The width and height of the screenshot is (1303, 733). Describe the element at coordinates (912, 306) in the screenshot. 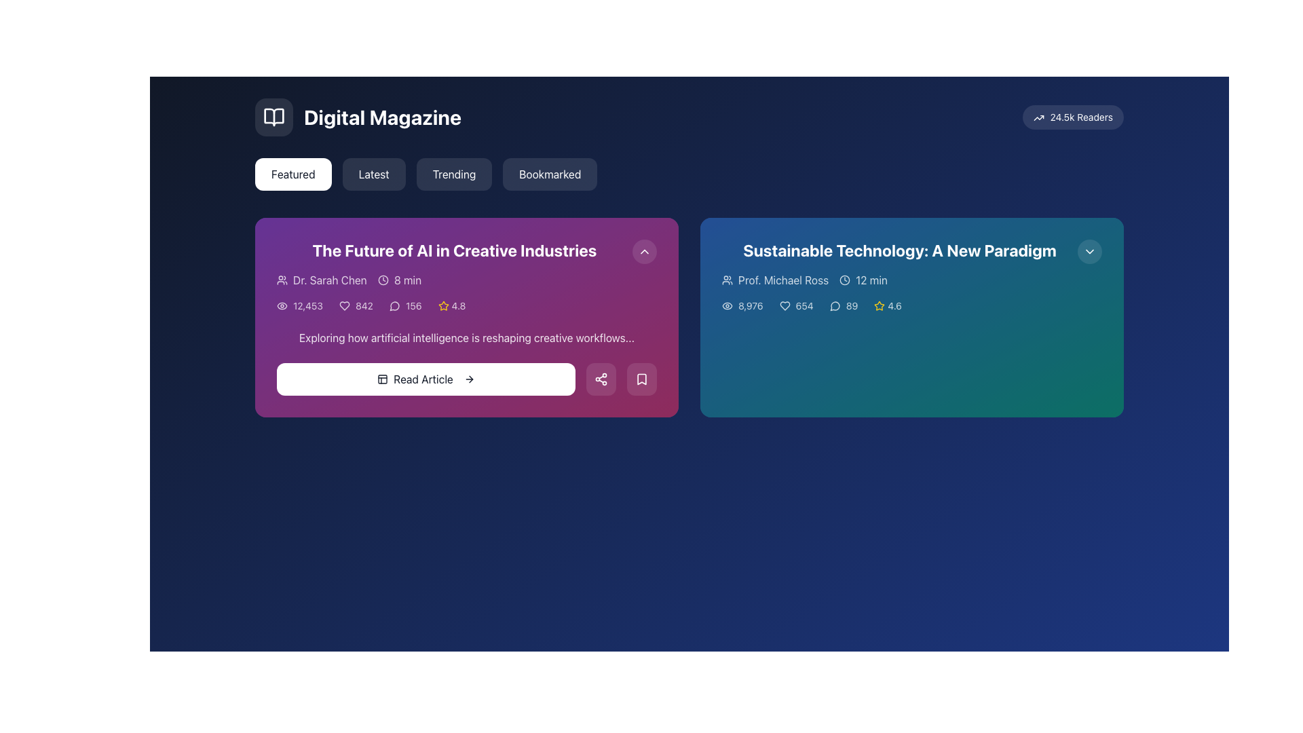

I see `on the information display row containing engagement metrics and ratings located in the bottom section of the card labeled 'Sustainable Technology: A New Paradigm'` at that location.